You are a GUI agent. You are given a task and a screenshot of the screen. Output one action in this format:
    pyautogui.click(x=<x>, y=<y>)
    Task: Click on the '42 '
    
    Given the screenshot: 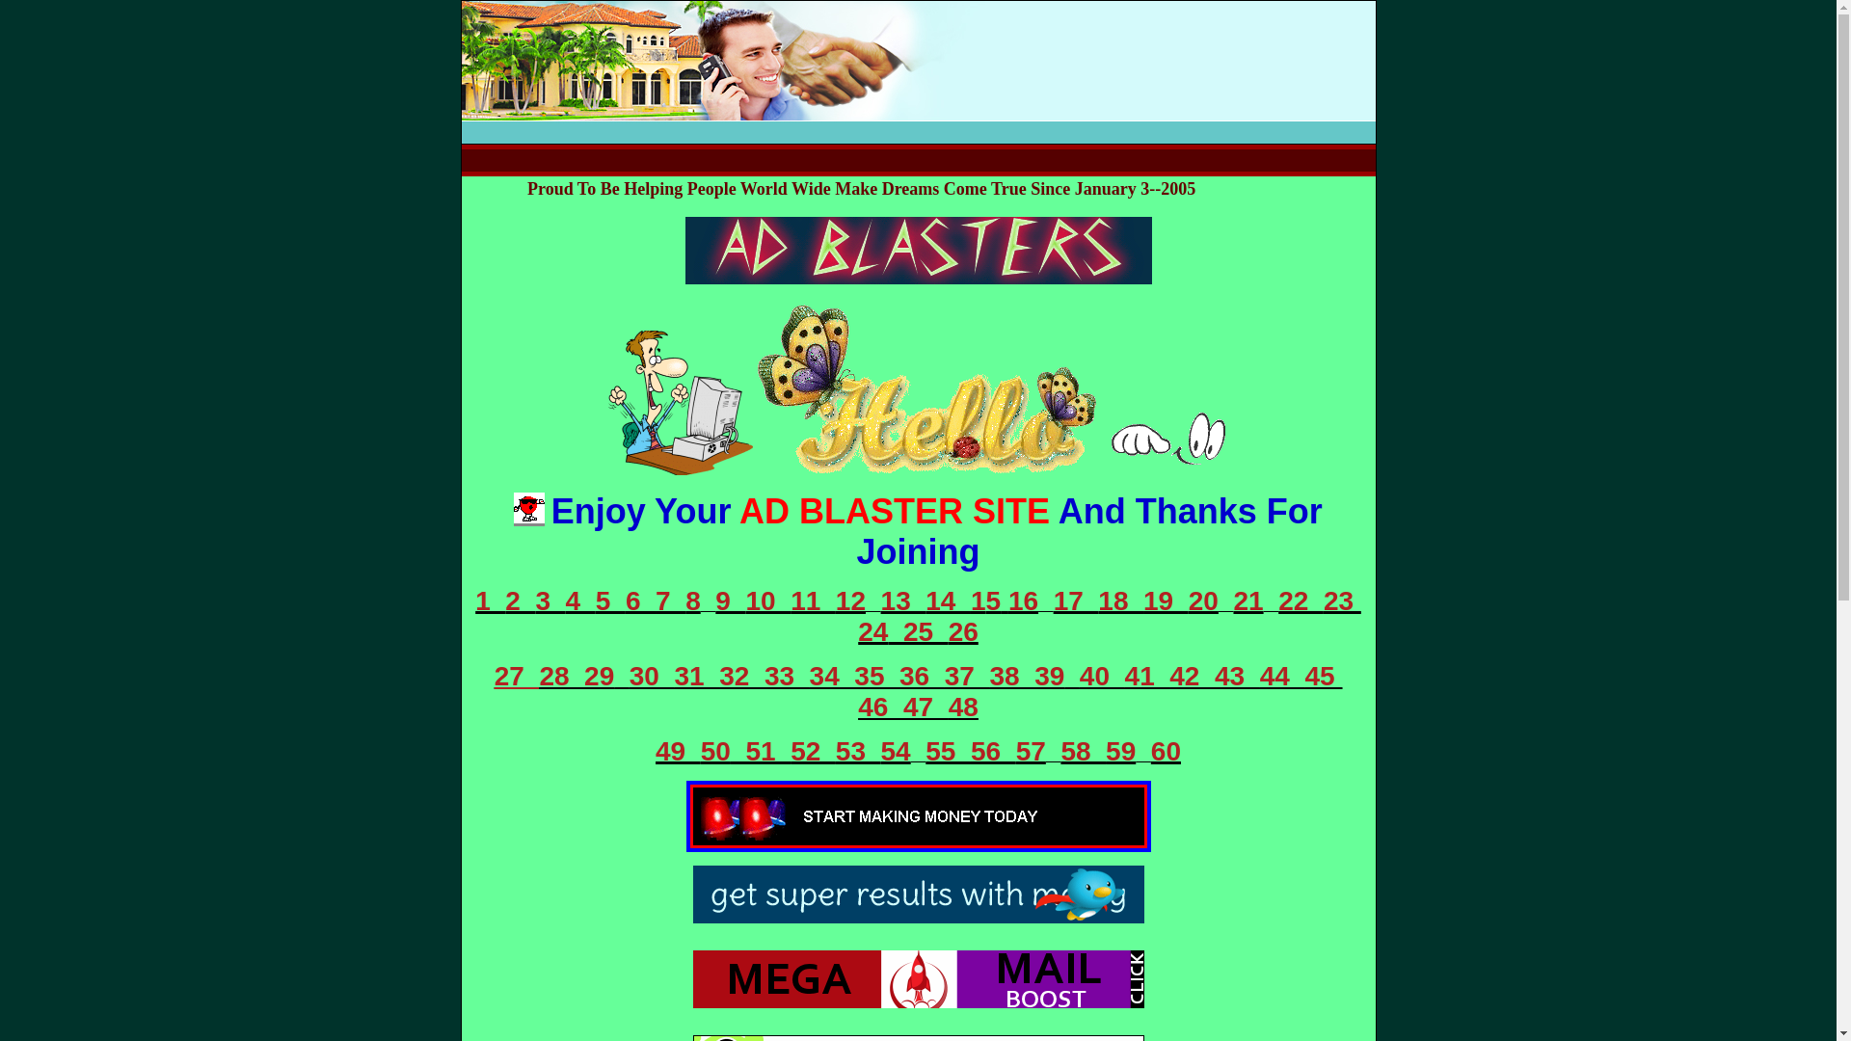 What is the action you would take?
    pyautogui.click(x=1191, y=675)
    